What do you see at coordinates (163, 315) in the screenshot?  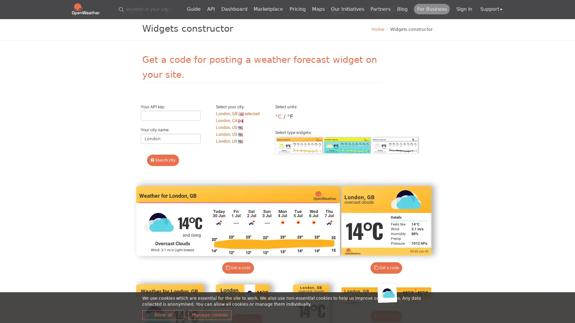 I see `Allow all` at bounding box center [163, 315].